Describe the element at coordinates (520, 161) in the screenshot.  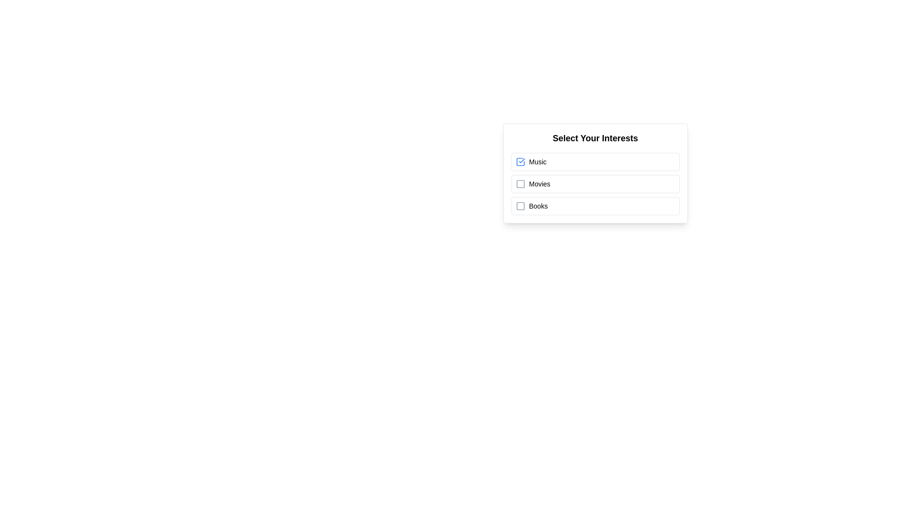
I see `the checkbox for the 'Music' category, which is the leftmost component of a horizontal group that includes a checkbox icon and the text 'Music'` at that location.